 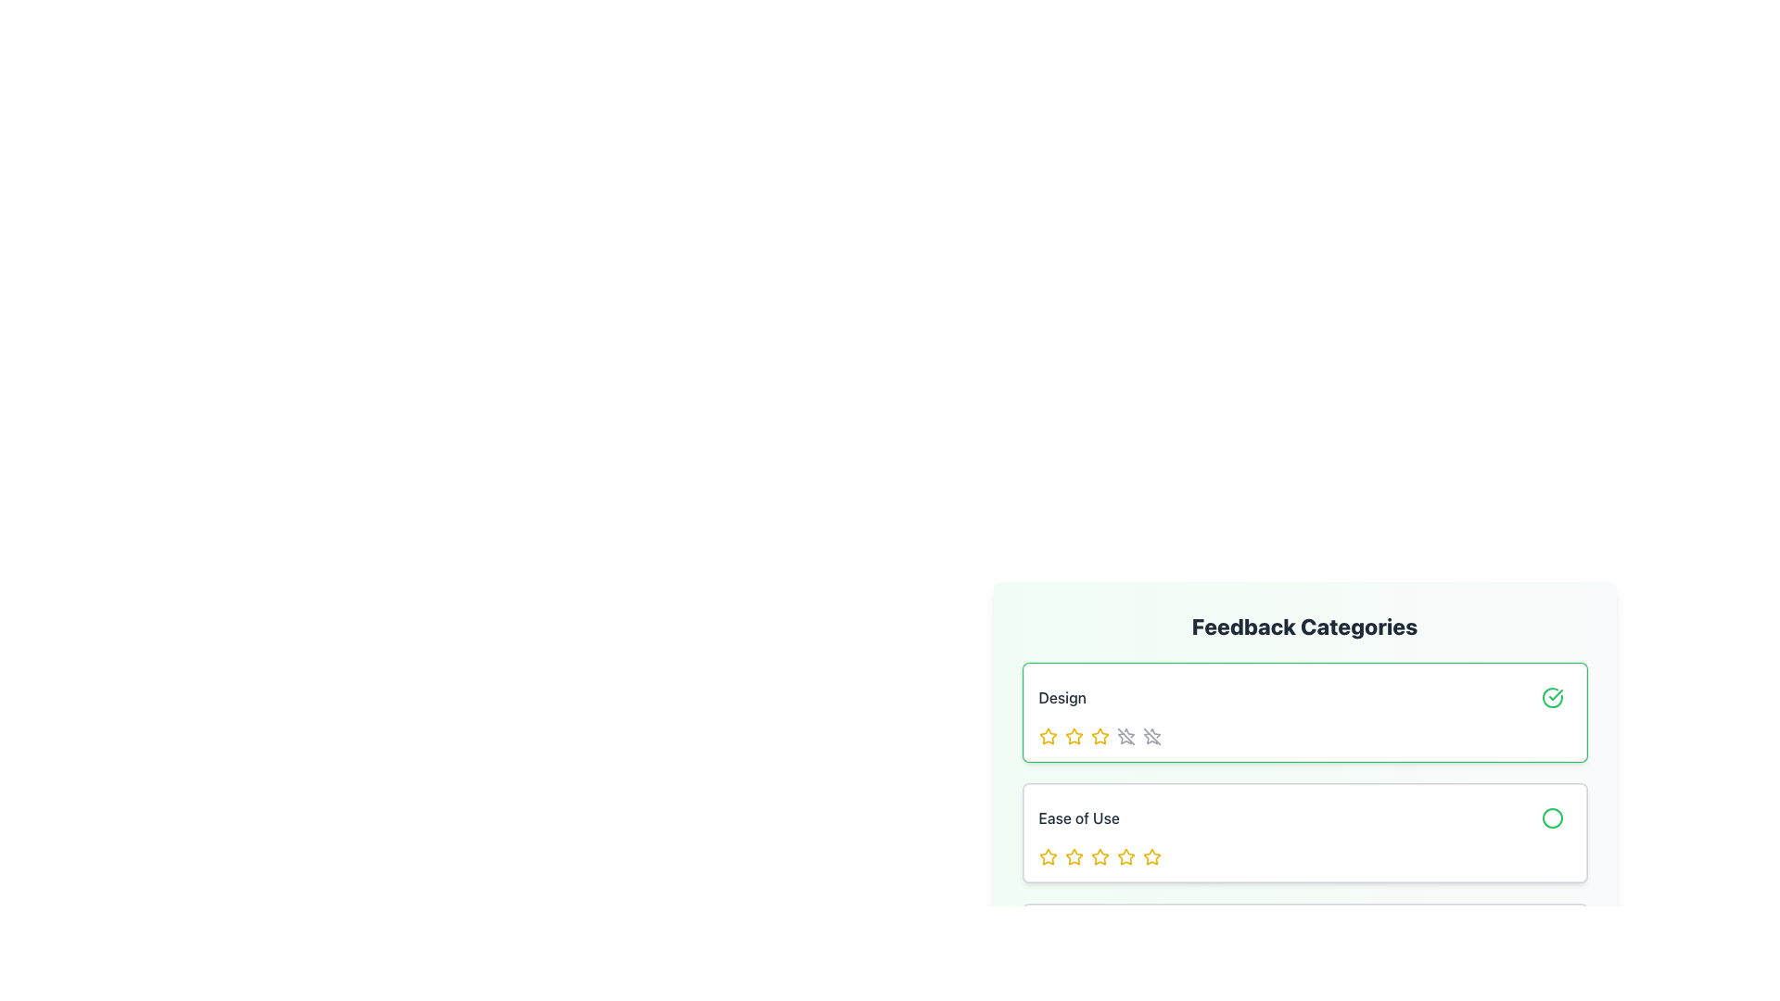 What do you see at coordinates (1100, 735) in the screenshot?
I see `the third yellow star rating icon in the 'Design' category` at bounding box center [1100, 735].